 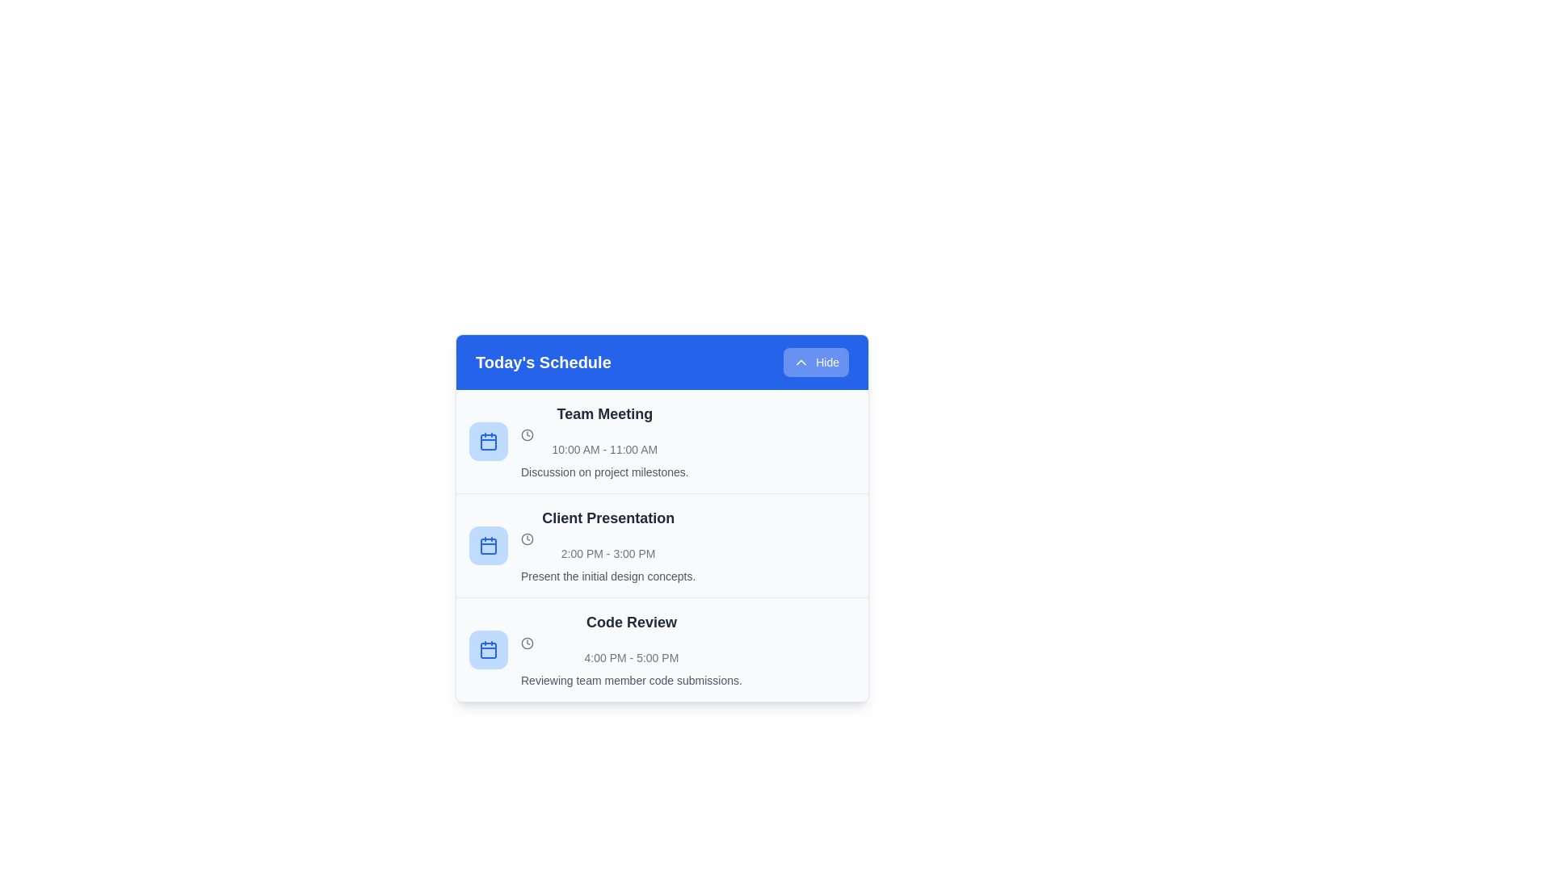 What do you see at coordinates (603, 472) in the screenshot?
I see `the descriptive label that provides additional details about the associated schedule item located below the '10:00 AM - 11:00 AM' text in the 'Today's Schedule' panel` at bounding box center [603, 472].